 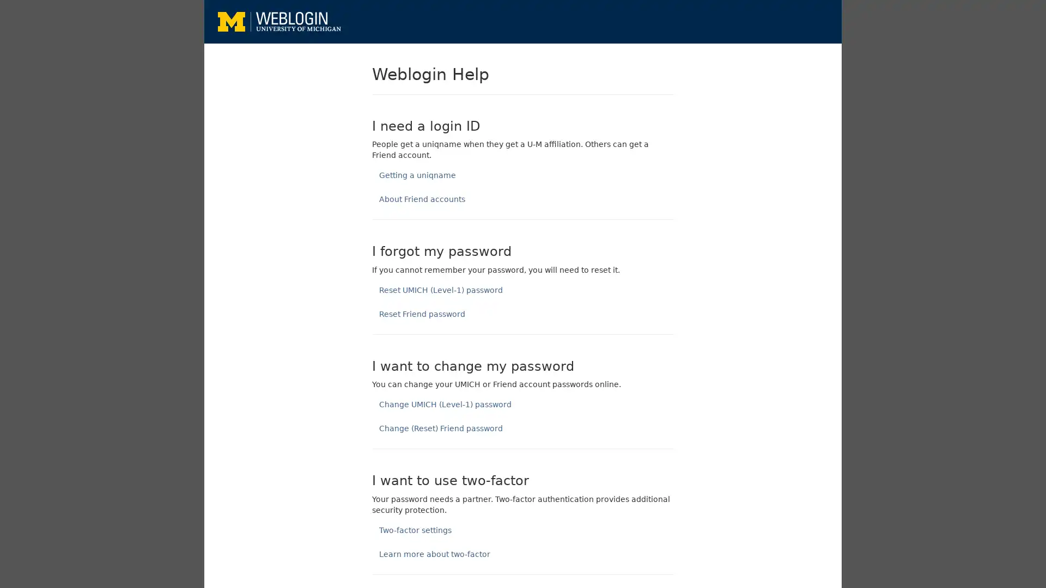 What do you see at coordinates (440, 427) in the screenshot?
I see `Change (Reset) Friend password` at bounding box center [440, 427].